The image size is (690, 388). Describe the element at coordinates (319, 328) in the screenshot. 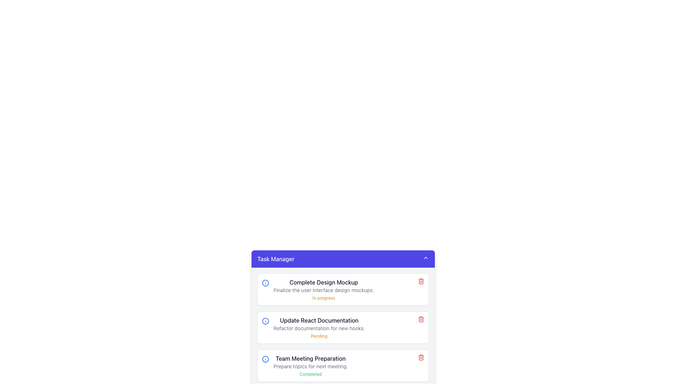

I see `text display that provides additional details about the task titled 'Update React Documentation', located in the second task block of the Task Manager interface` at that location.